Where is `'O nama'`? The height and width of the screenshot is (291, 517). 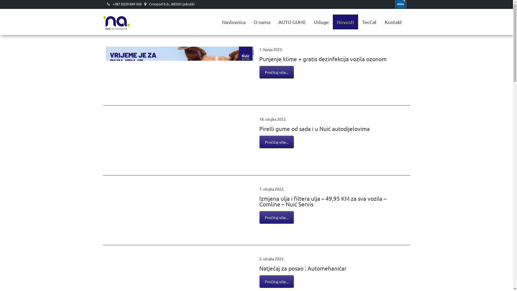
'O nama' is located at coordinates (261, 22).